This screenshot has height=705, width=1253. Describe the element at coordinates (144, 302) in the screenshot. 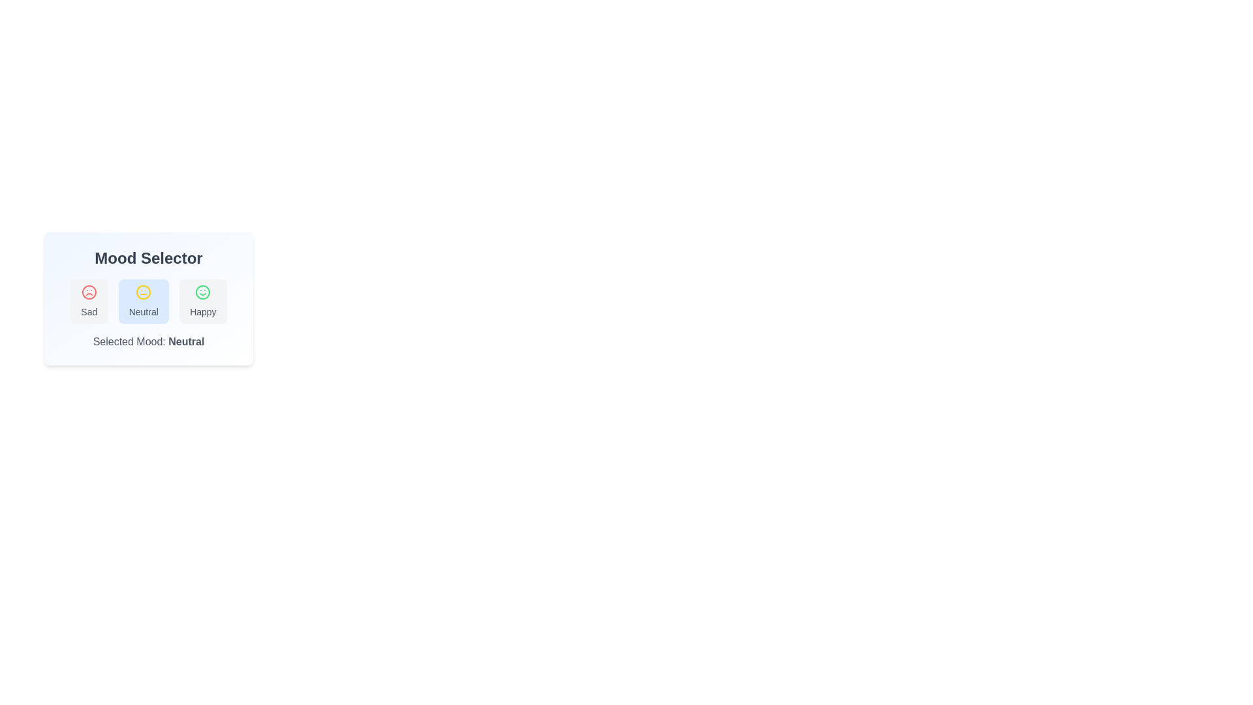

I see `the mood option Neutral to select it` at that location.